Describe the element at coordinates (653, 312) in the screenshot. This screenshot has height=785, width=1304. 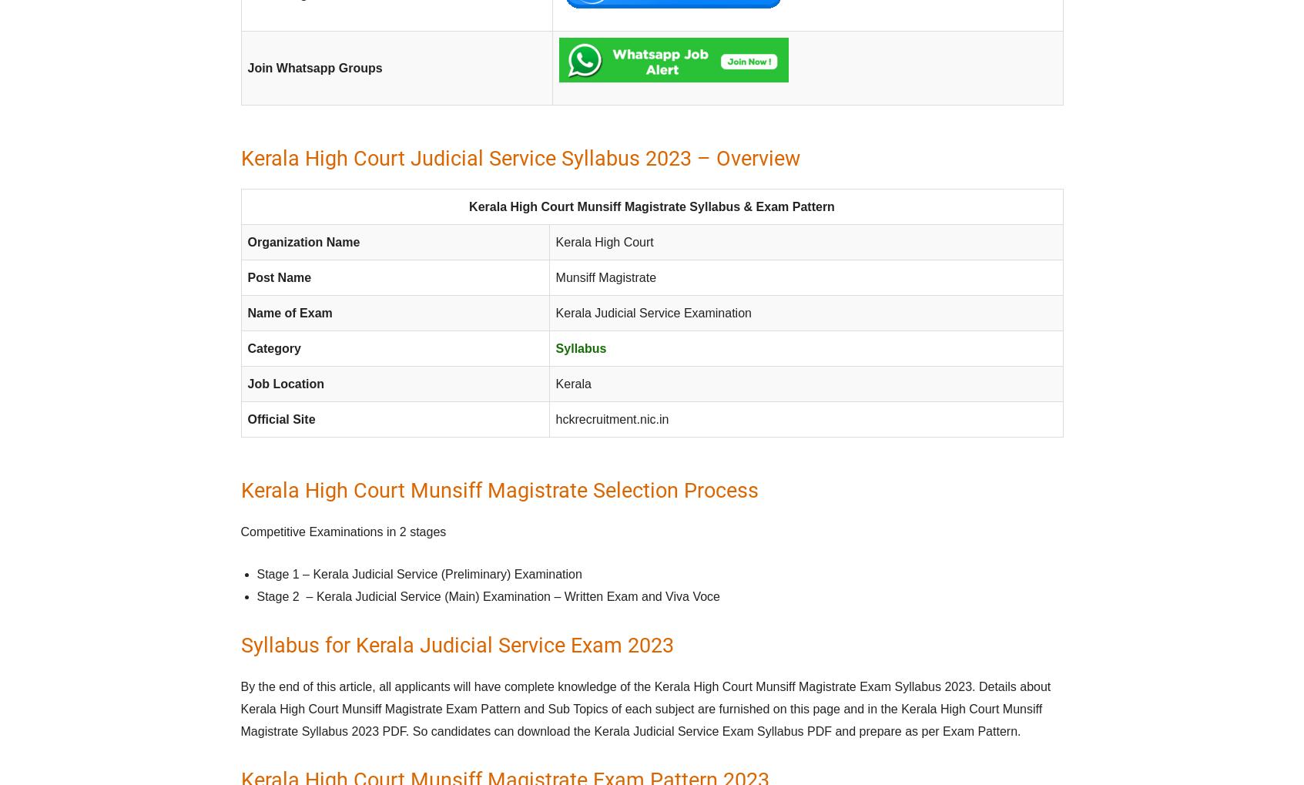
I see `'Kerala Judicial Service Examination'` at that location.